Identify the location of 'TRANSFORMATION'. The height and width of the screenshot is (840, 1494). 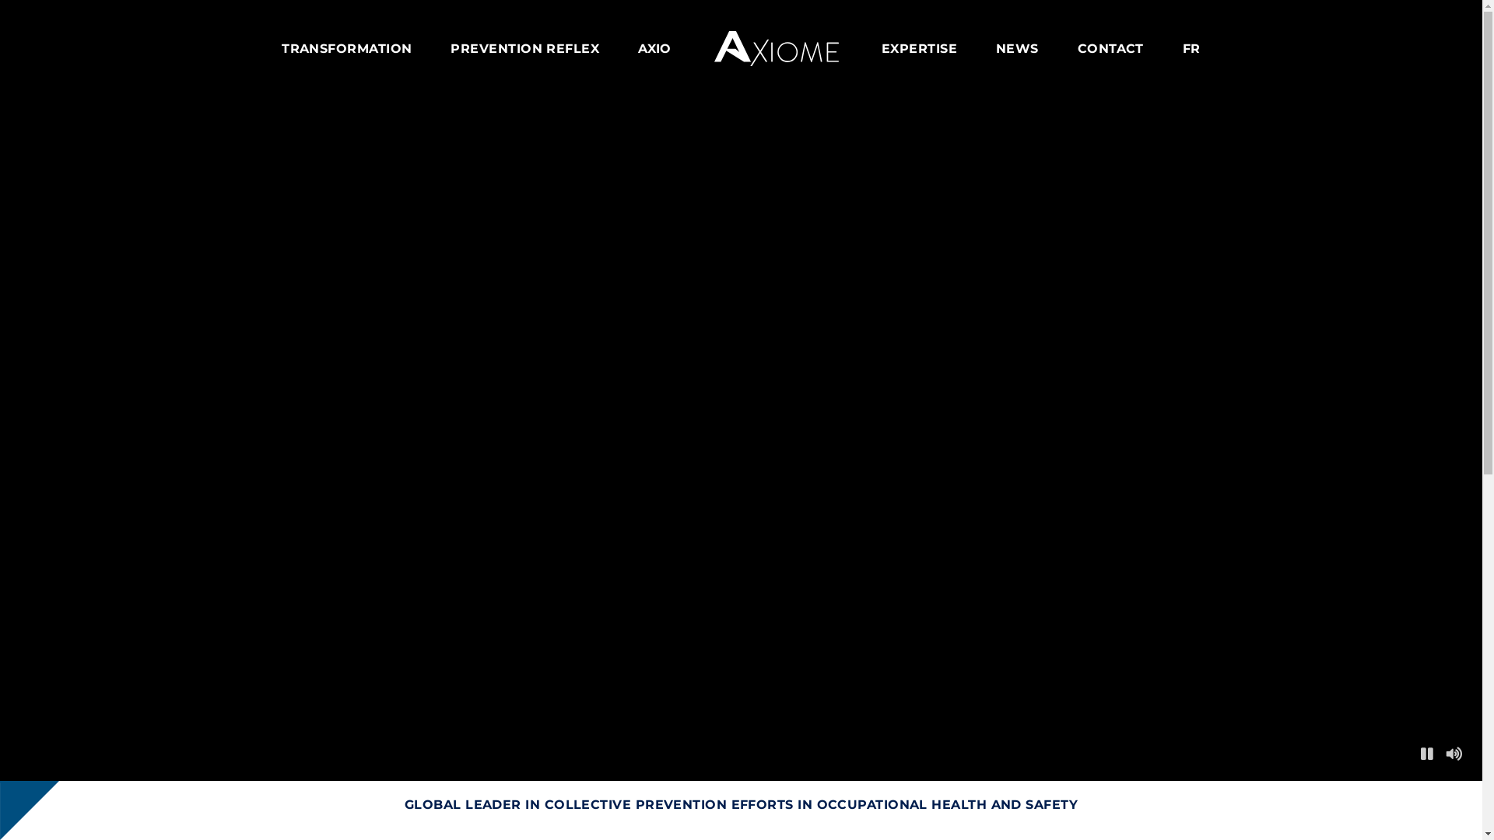
(345, 48).